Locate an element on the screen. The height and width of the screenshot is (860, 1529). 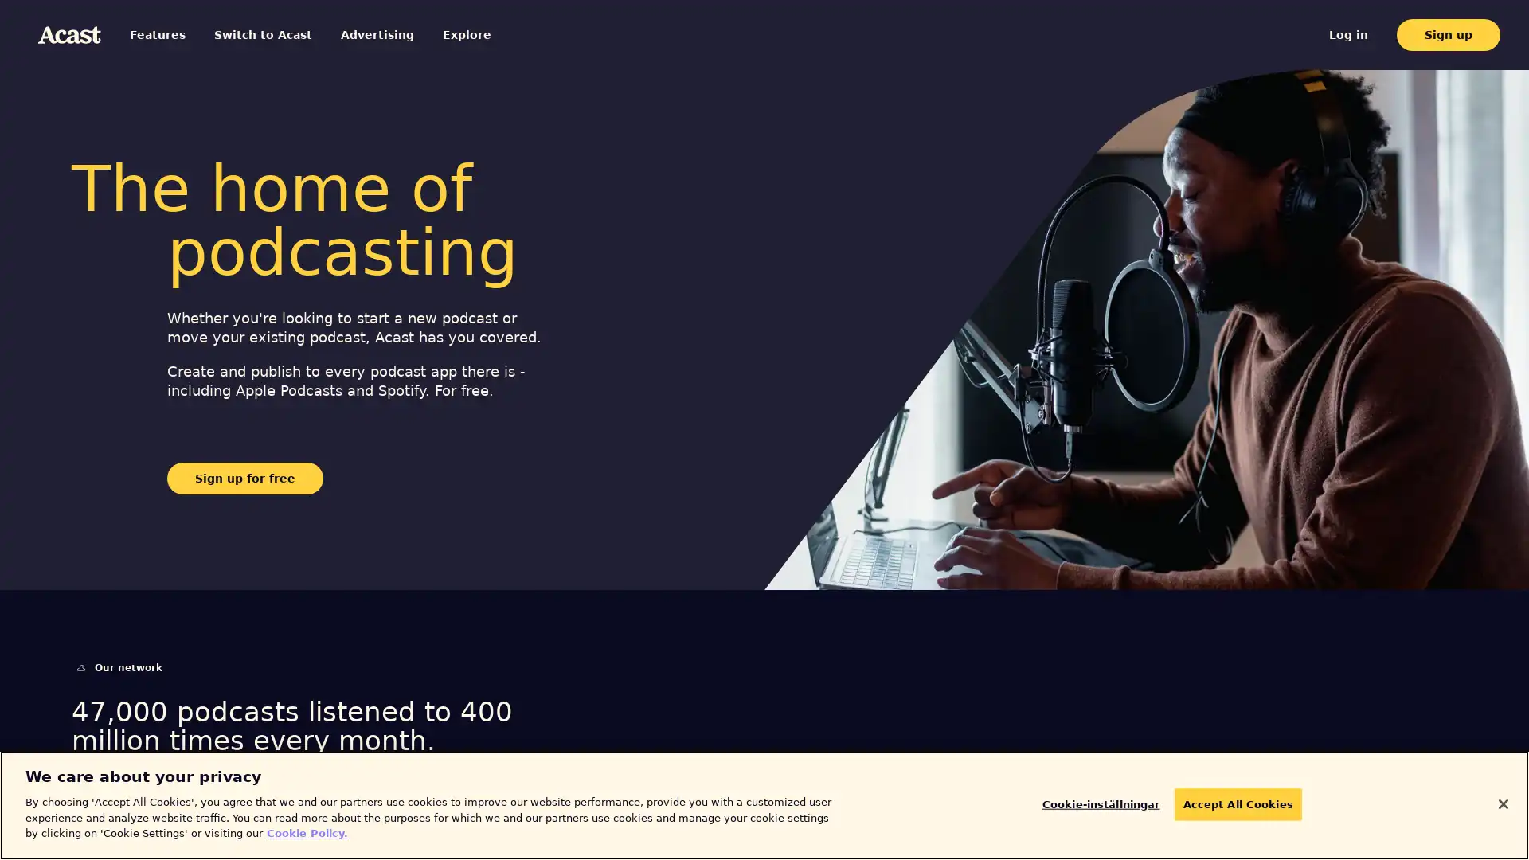
Switch to Acast is located at coordinates (244, 34).